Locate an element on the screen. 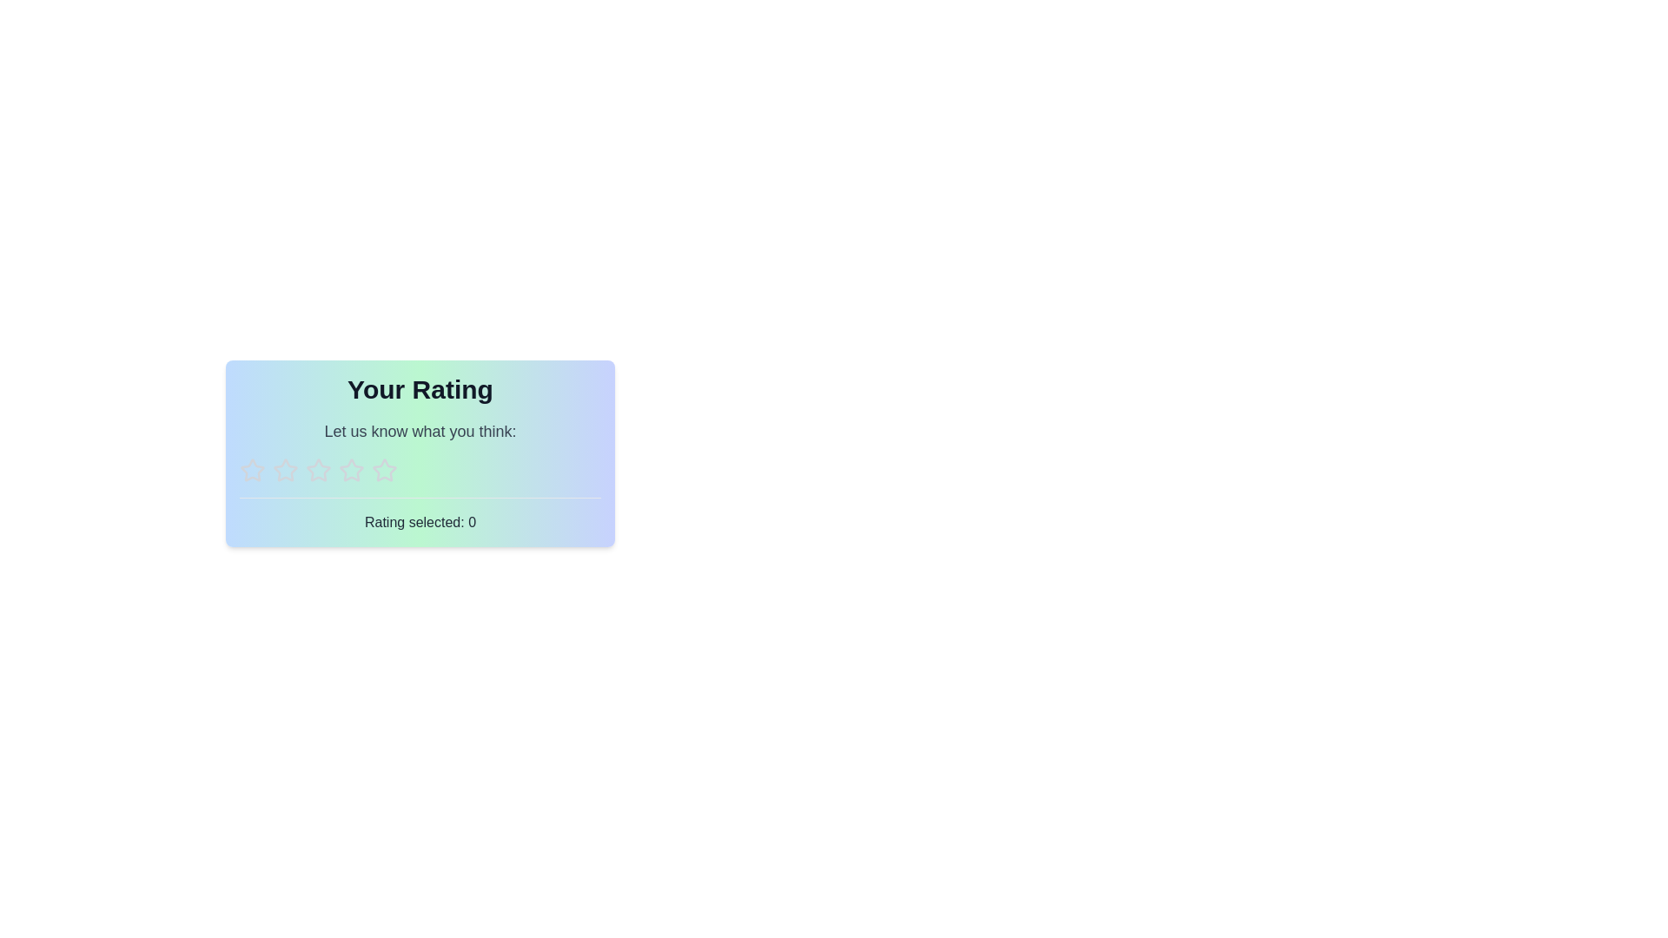 The height and width of the screenshot is (938, 1668). the static text header titled 'Your Rating', which is styled in bold, large dark gray font and is located at the top of the card section is located at coordinates (420, 388).